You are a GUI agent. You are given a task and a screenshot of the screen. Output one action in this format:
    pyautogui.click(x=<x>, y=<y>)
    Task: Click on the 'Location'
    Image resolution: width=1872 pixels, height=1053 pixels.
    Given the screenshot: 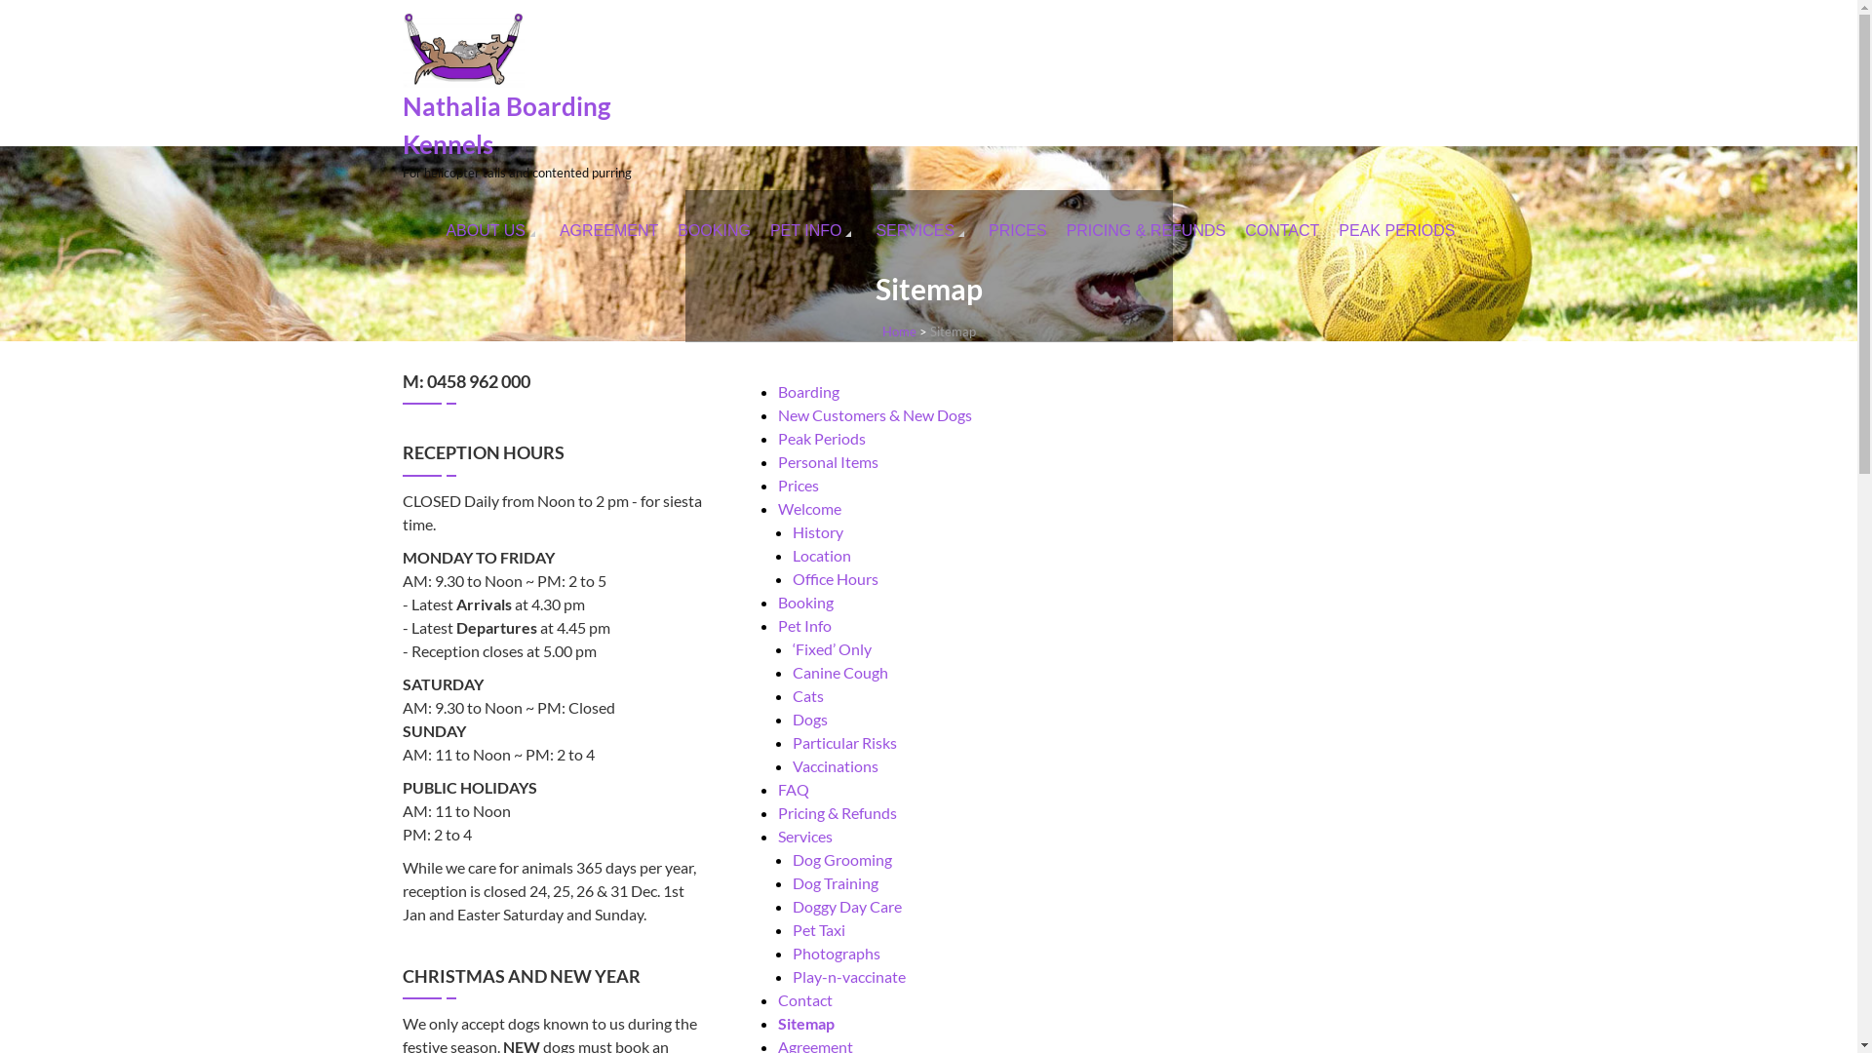 What is the action you would take?
    pyautogui.click(x=822, y=555)
    